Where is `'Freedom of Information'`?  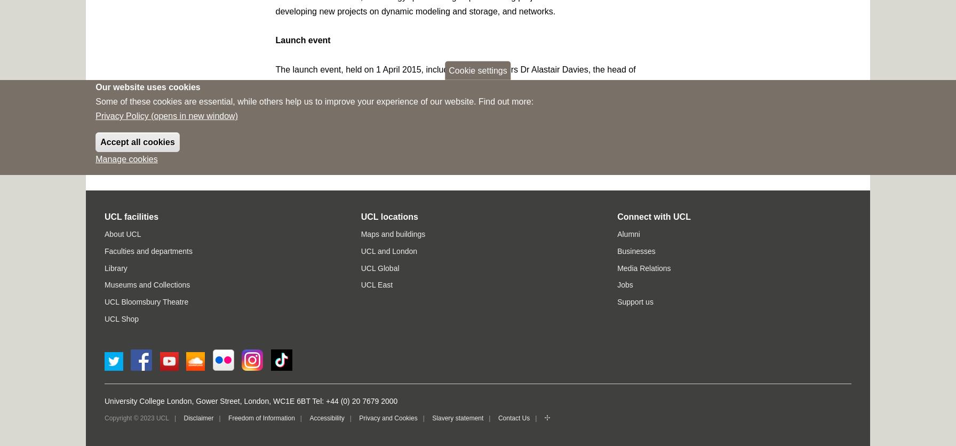
'Freedom of Information' is located at coordinates (261, 417).